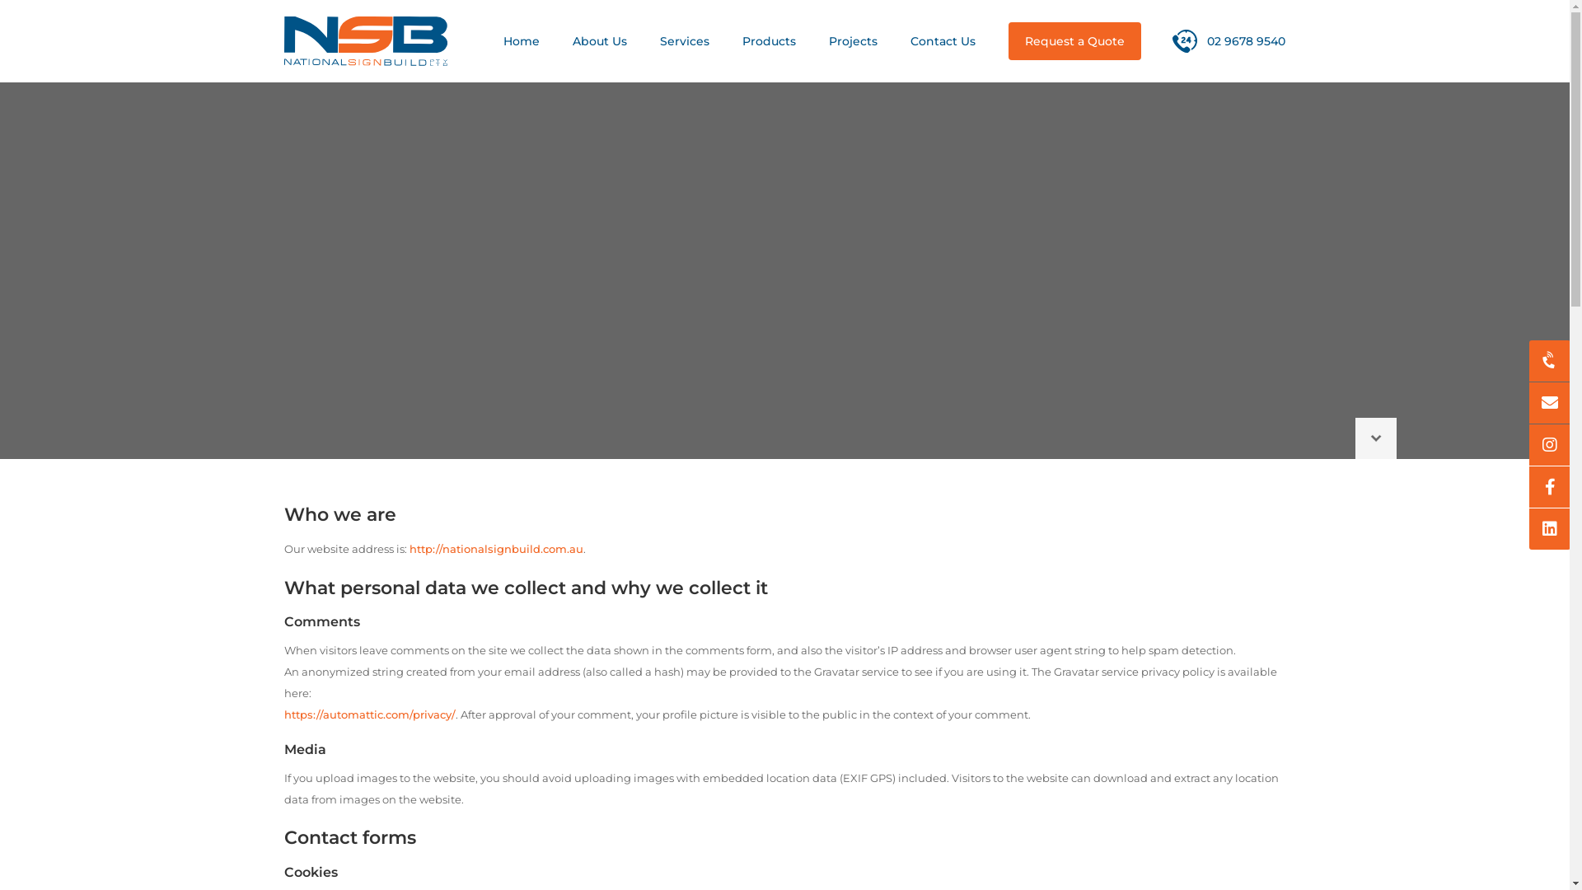 The image size is (1582, 890). Describe the element at coordinates (1171, 40) in the screenshot. I see `'   02 9678 9540'` at that location.